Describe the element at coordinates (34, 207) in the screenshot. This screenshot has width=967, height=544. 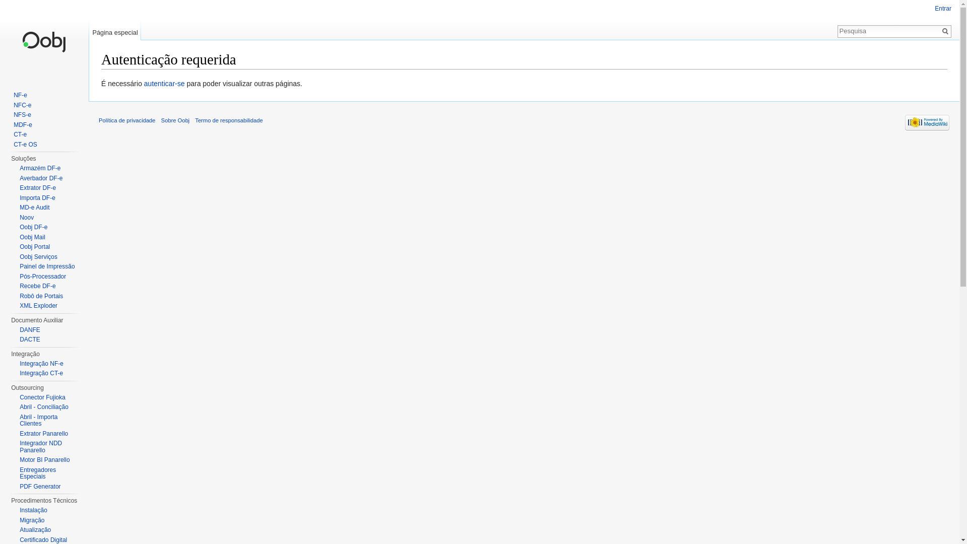
I see `'MD-e Audit'` at that location.